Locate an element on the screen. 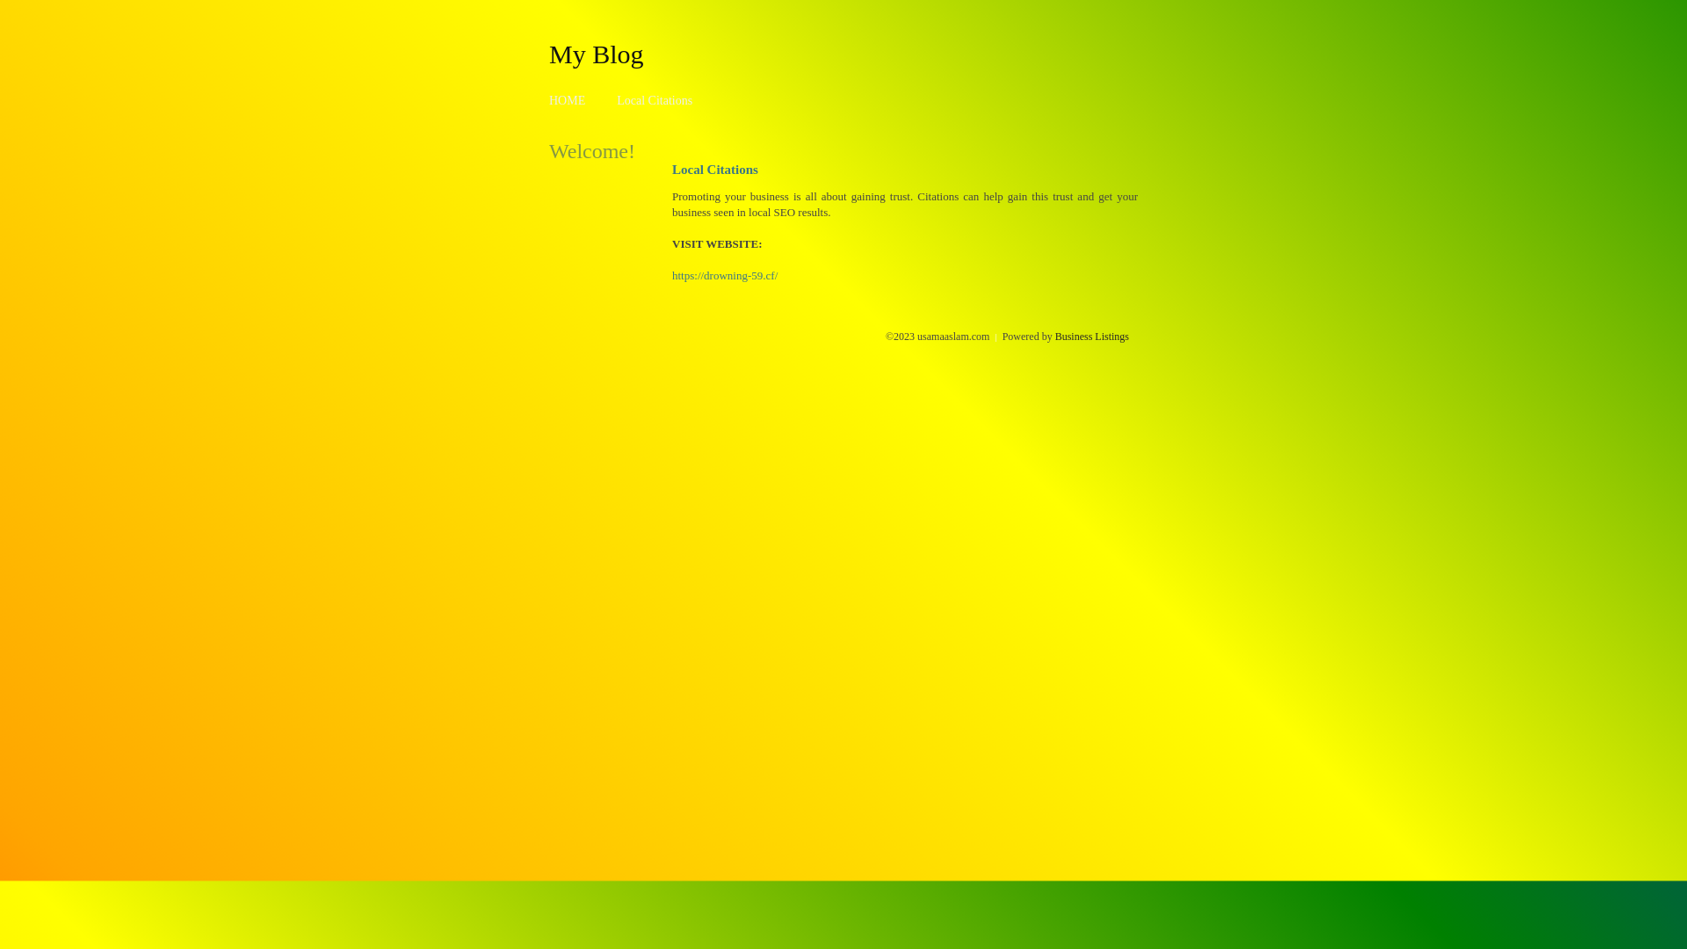  'https://drowning-59.cf/' is located at coordinates (725, 275).